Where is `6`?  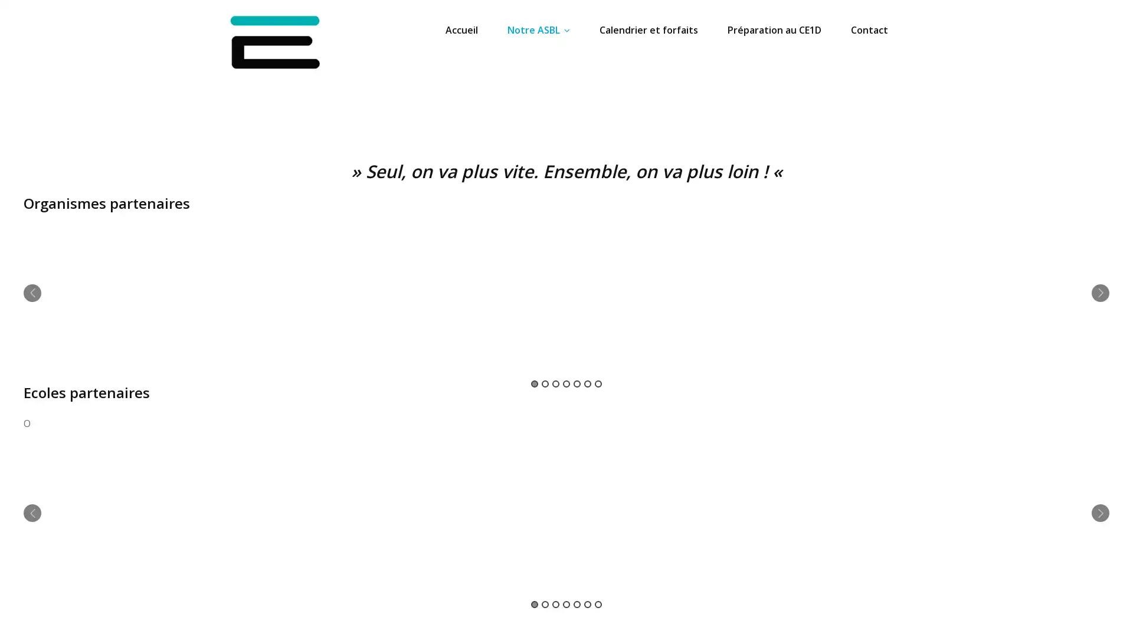
6 is located at coordinates (588, 603).